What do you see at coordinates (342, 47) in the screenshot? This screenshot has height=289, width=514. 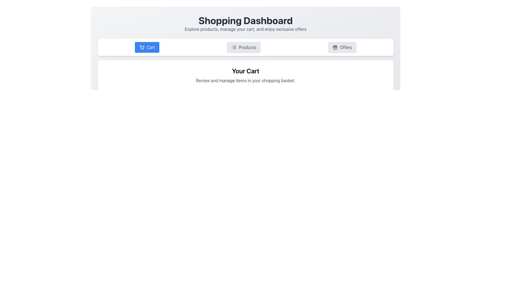 I see `the button located at the far right of the row` at bounding box center [342, 47].